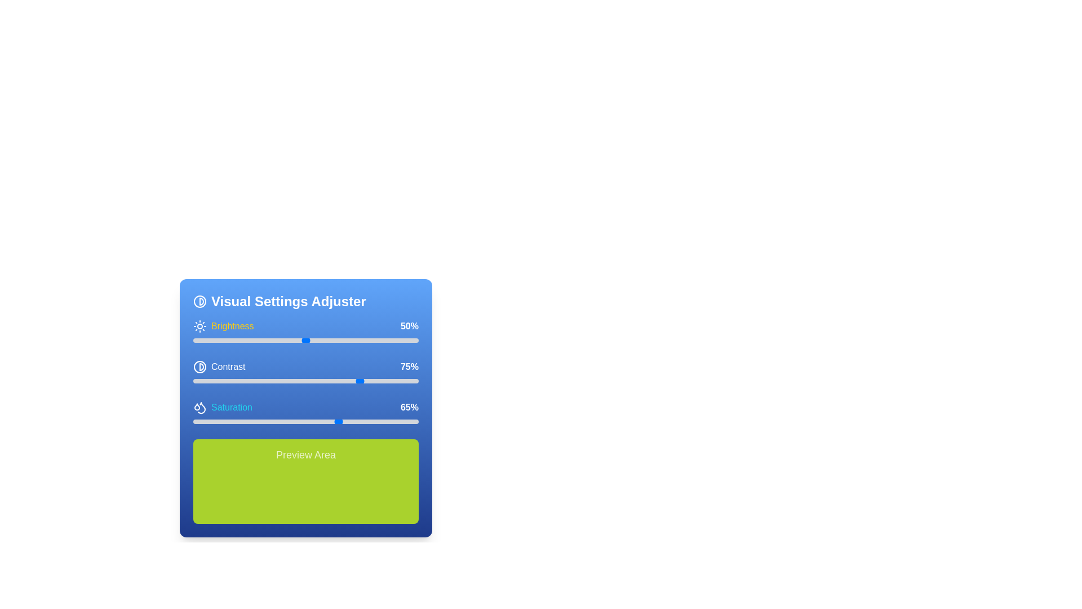 The height and width of the screenshot is (609, 1082). What do you see at coordinates (229, 340) in the screenshot?
I see `the brightness level` at bounding box center [229, 340].